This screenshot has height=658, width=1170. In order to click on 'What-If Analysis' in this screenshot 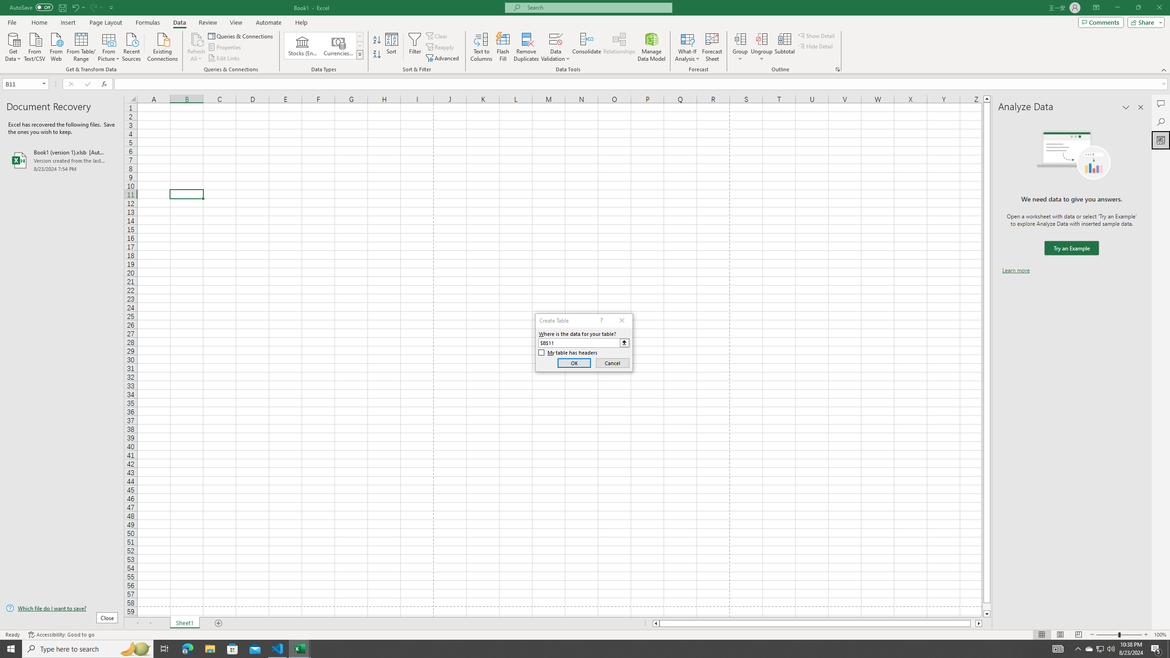, I will do `click(687, 47)`.